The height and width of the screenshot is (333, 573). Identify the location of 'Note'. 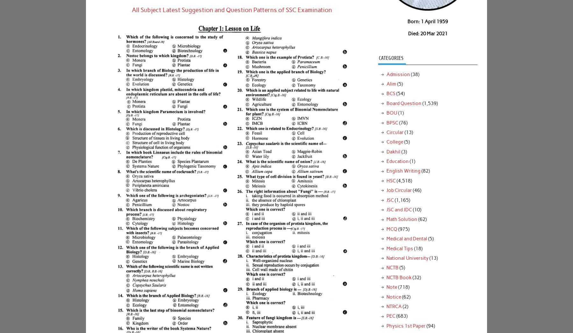
(391, 287).